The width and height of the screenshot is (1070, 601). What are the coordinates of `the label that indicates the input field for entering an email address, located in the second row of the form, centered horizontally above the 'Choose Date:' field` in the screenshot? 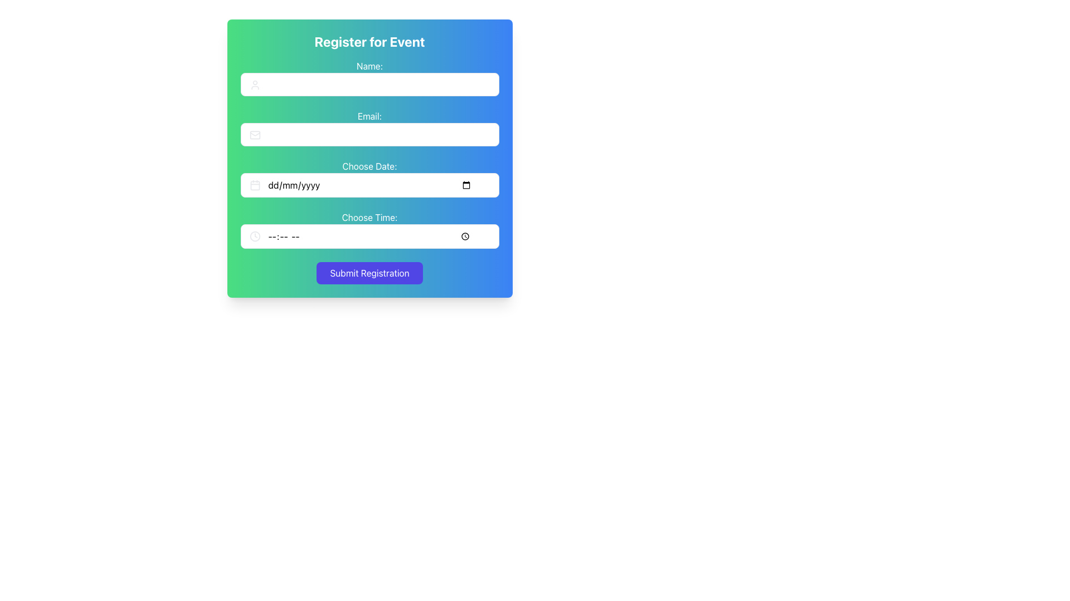 It's located at (369, 127).